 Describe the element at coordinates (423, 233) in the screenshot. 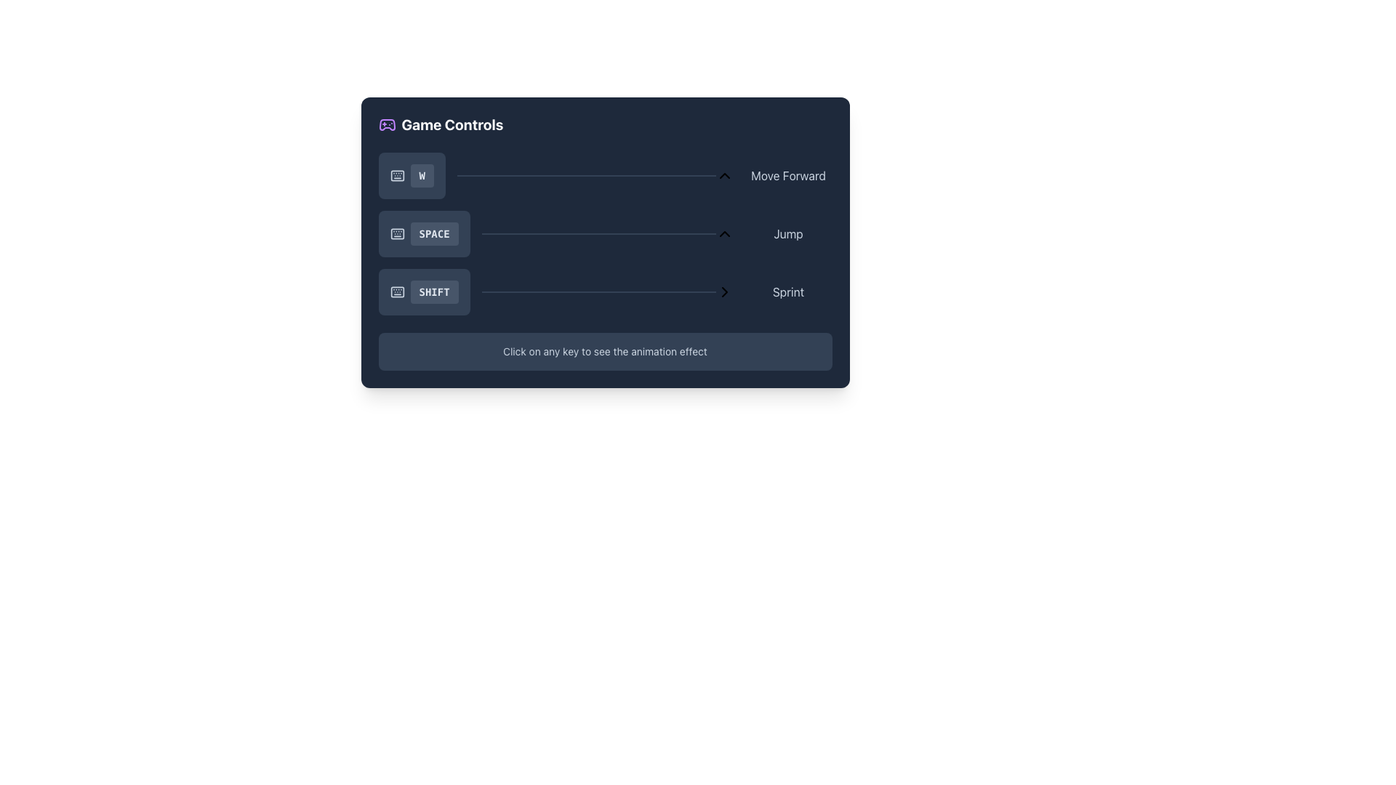

I see `the non-interactive display button labeled 'SPACE' with a keyboard icon, located in the 'Game Controls' section, positioned between the buttons 'W' and 'SHIFT'` at that location.